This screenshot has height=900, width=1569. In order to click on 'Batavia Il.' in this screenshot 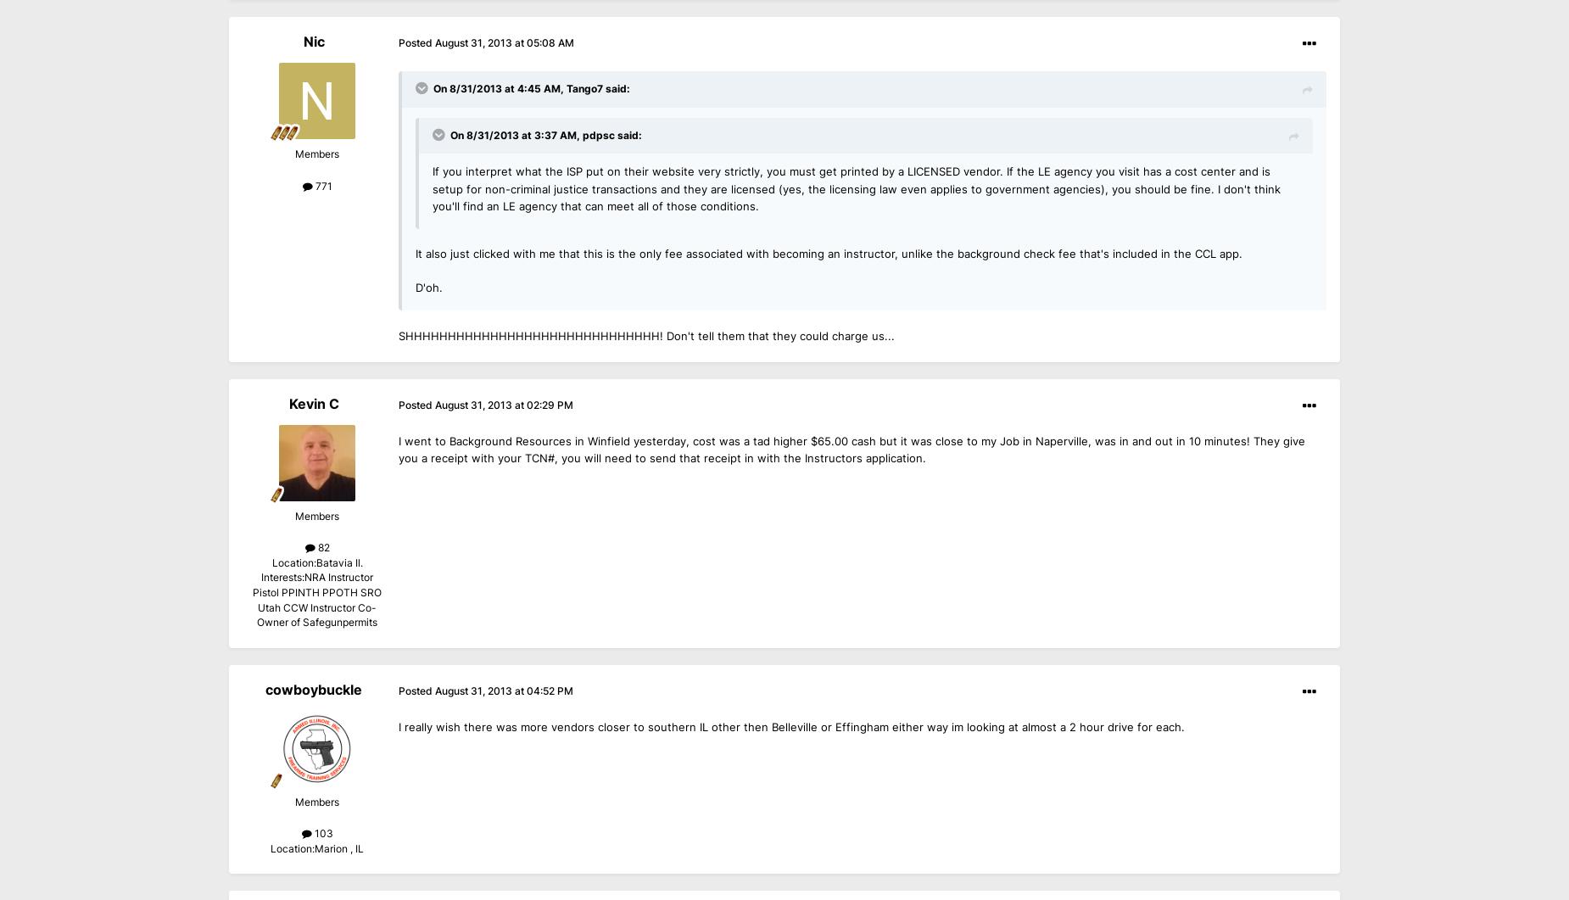, I will do `click(338, 562)`.